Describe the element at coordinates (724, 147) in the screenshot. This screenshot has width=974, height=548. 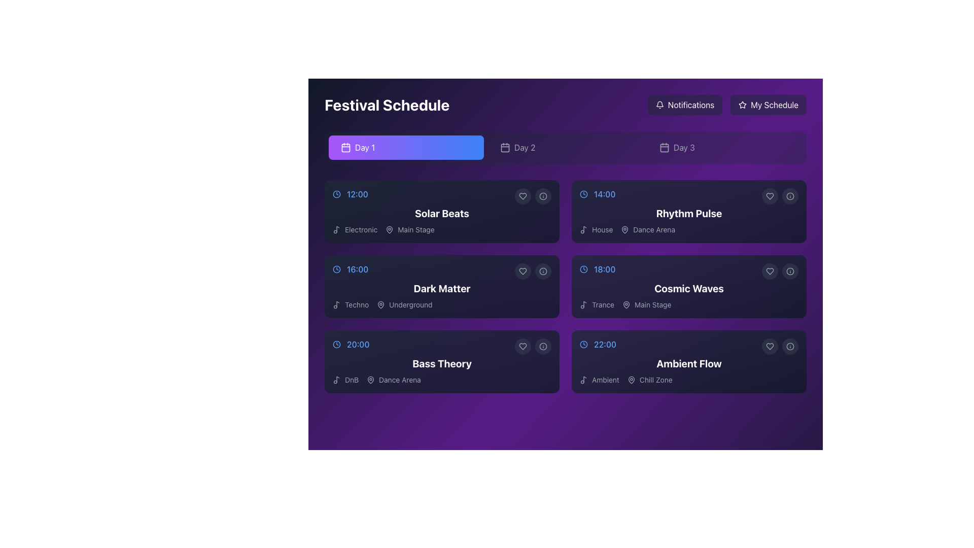
I see `the 'Day 3' button` at that location.